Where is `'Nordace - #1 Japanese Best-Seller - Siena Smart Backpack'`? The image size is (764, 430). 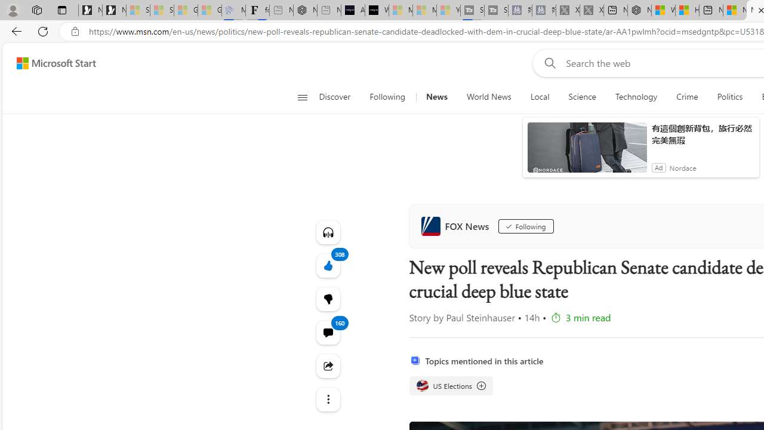
'Nordace - #1 Japanese Best-Seller - Siena Smart Backpack' is located at coordinates (305, 10).